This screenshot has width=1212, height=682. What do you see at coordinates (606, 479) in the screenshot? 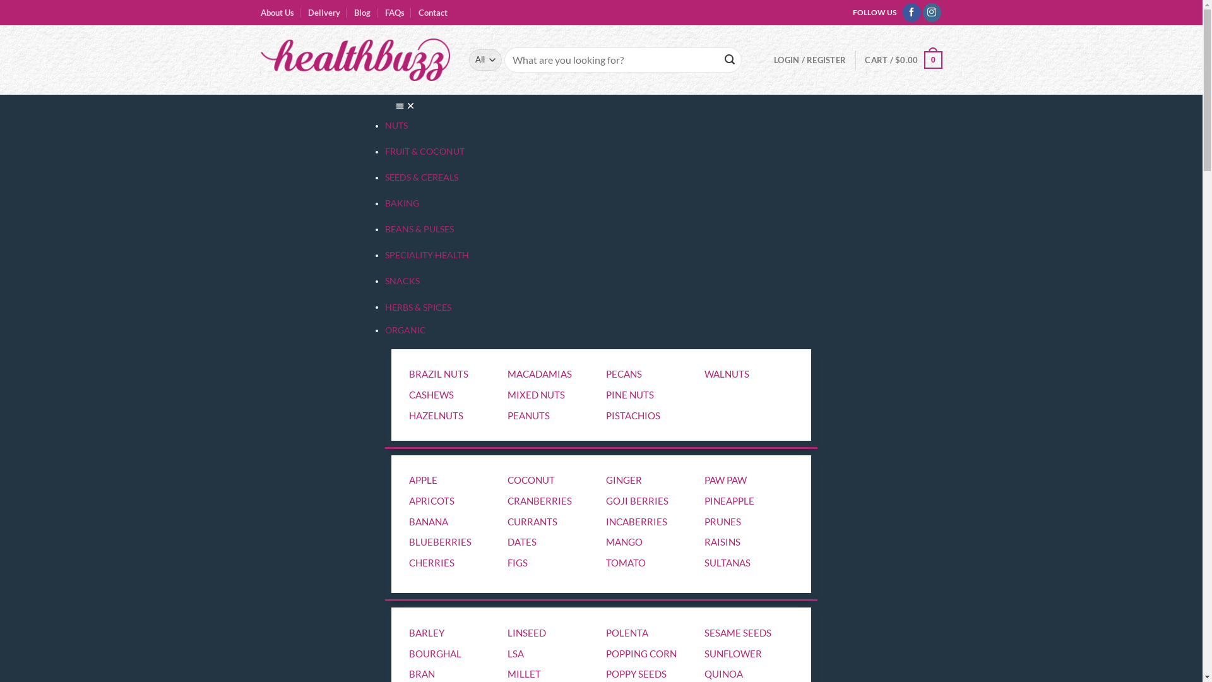
I see `'GINGER'` at bounding box center [606, 479].